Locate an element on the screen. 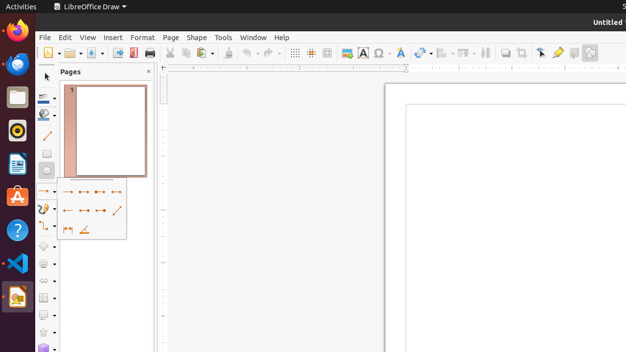  'Export' is located at coordinates (117, 53).